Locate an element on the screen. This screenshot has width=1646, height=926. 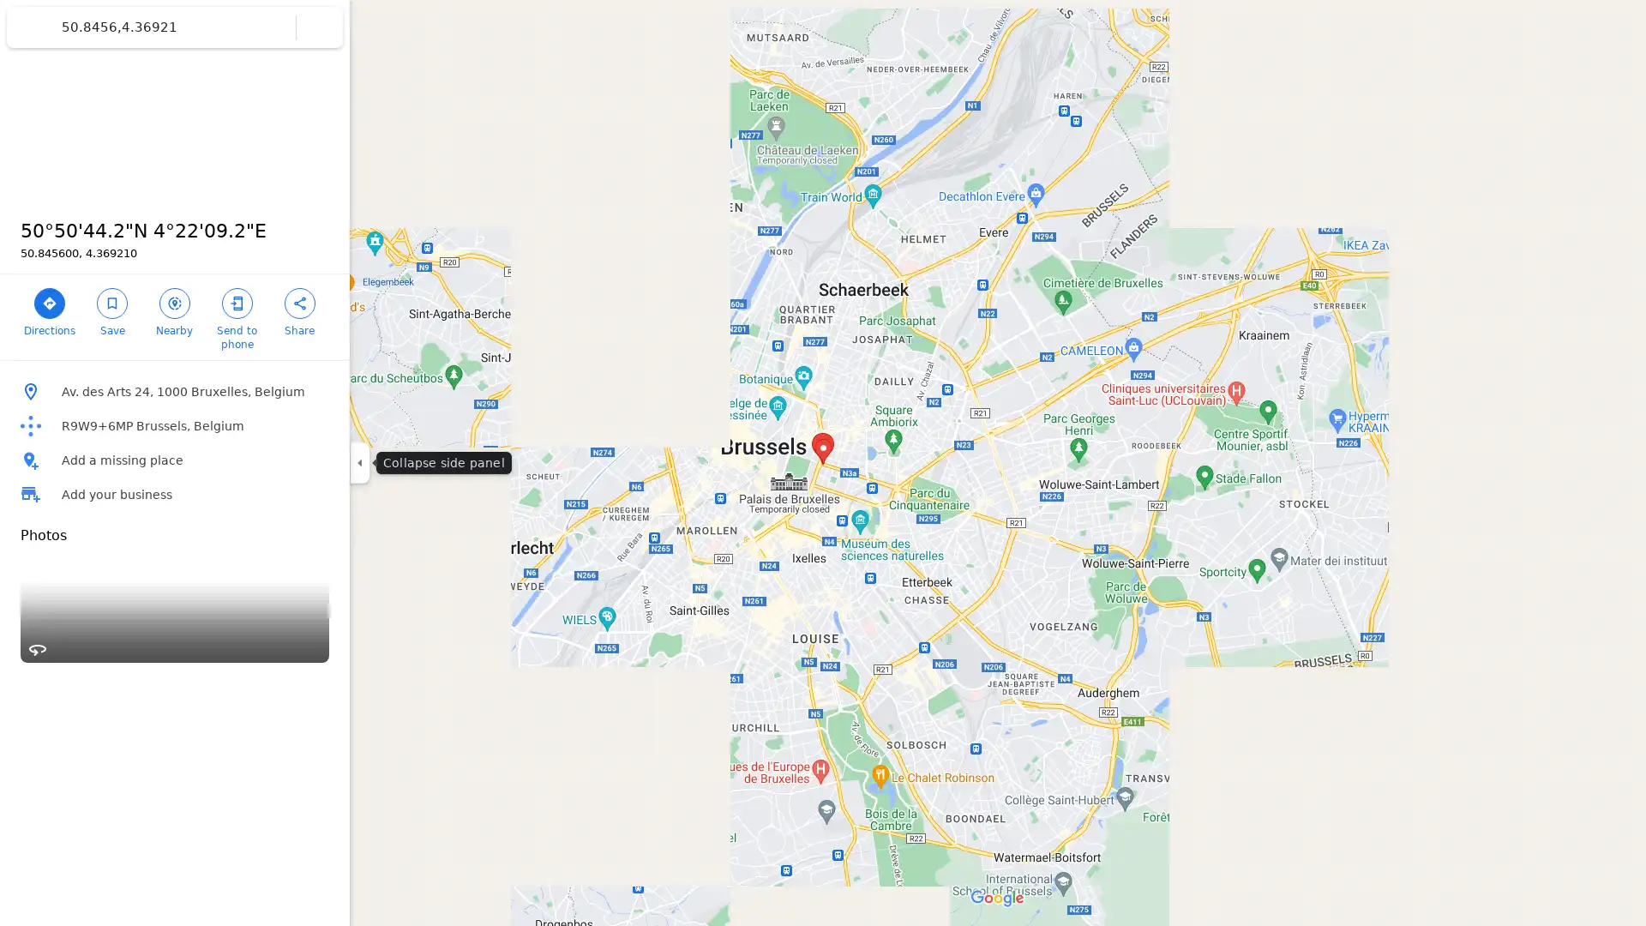
Share 5050'44.2"N 422'09.2"E is located at coordinates (299, 310).